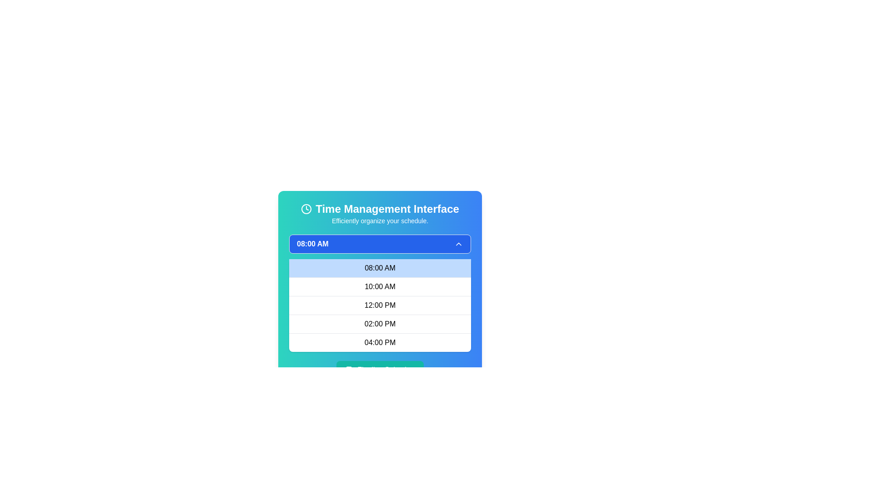 The width and height of the screenshot is (873, 491). I want to click on the highlighted time slot '10:00 AM' from the dropdown menu located in the Time Management Interface, so click(380, 293).